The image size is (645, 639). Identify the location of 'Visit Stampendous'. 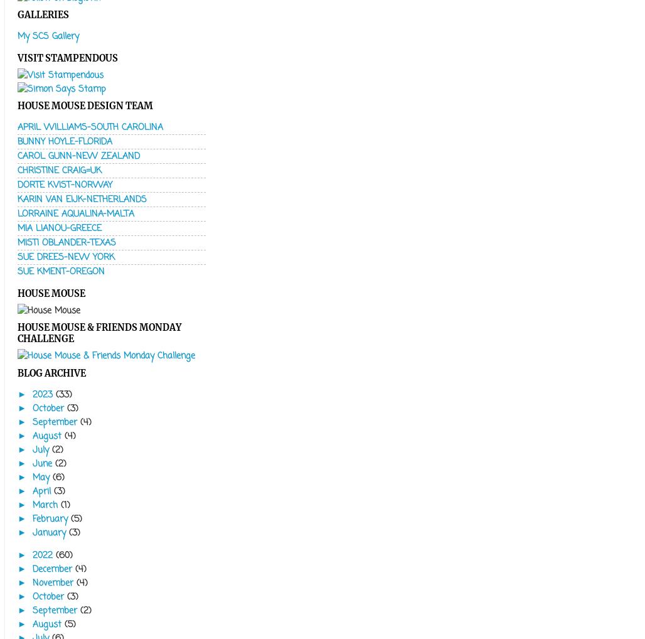
(67, 58).